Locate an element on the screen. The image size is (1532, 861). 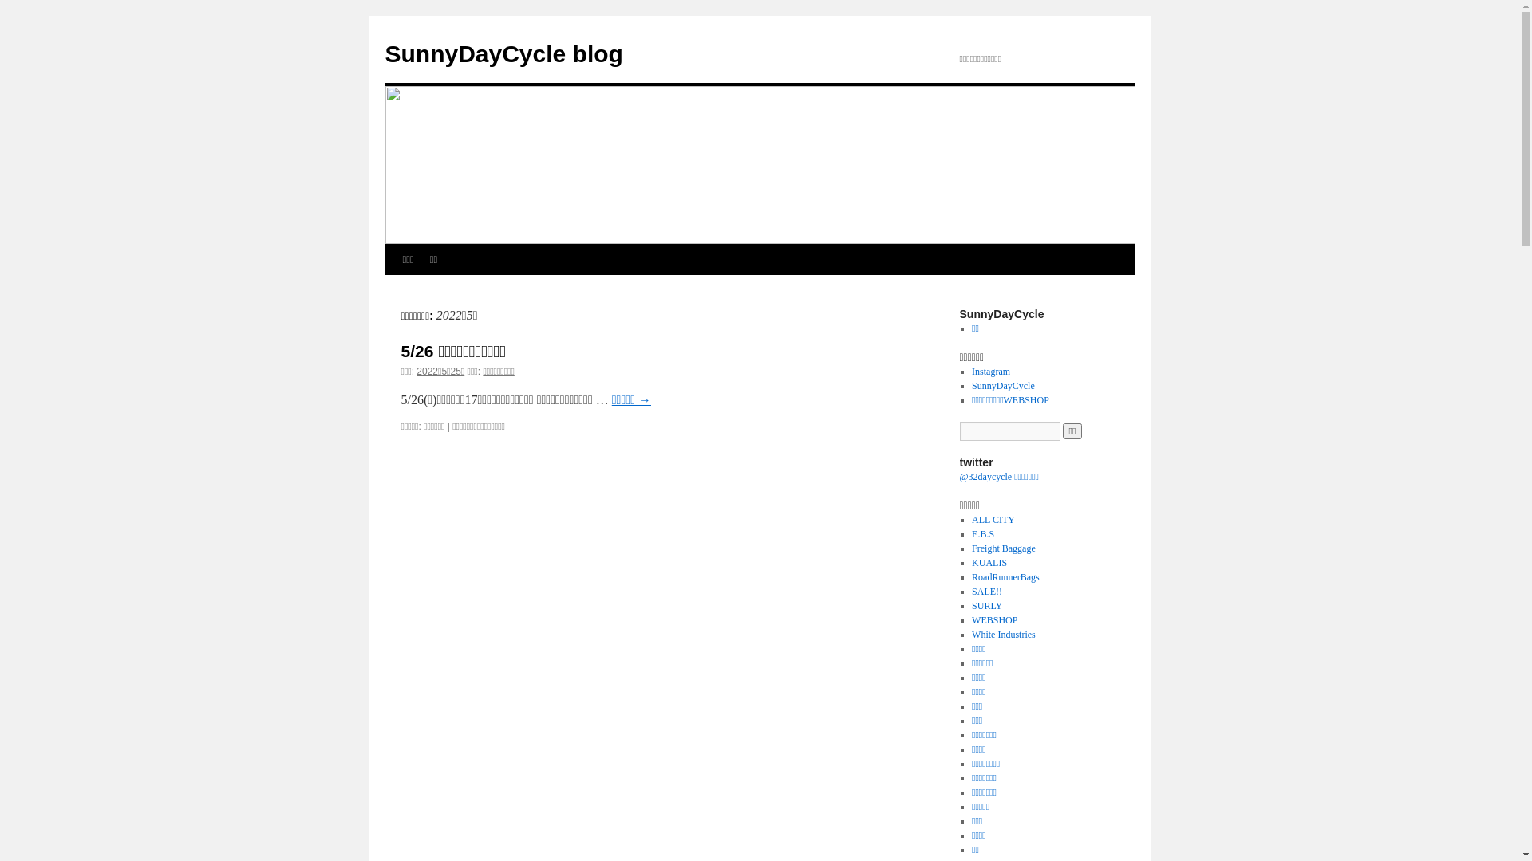
'RoadRunnerBags' is located at coordinates (1005, 577).